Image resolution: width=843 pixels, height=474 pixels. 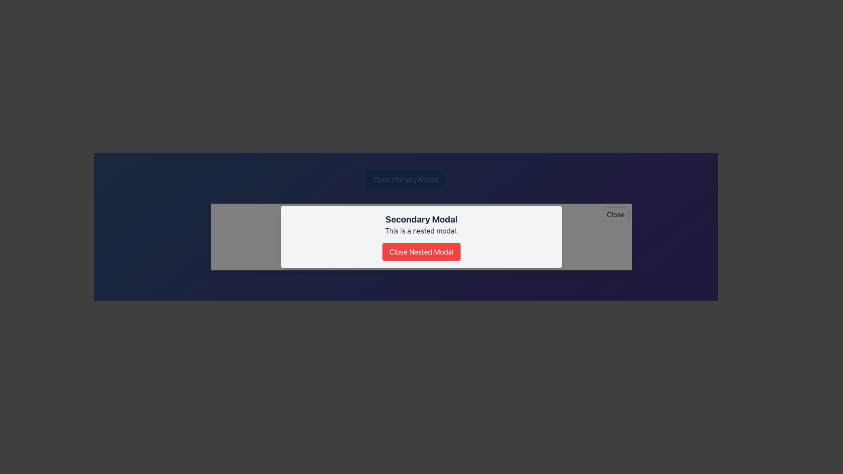 What do you see at coordinates (421, 251) in the screenshot?
I see `the third button located centrally within the white modal box` at bounding box center [421, 251].